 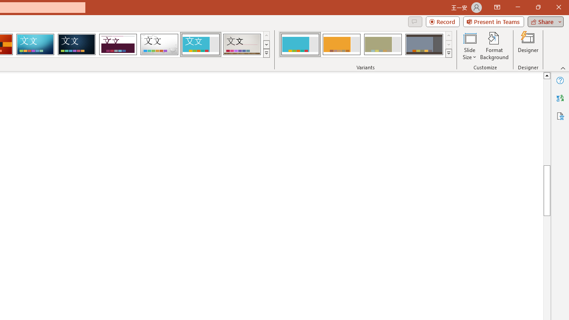 I want to click on 'Frame Variant 4', so click(x=424, y=44).